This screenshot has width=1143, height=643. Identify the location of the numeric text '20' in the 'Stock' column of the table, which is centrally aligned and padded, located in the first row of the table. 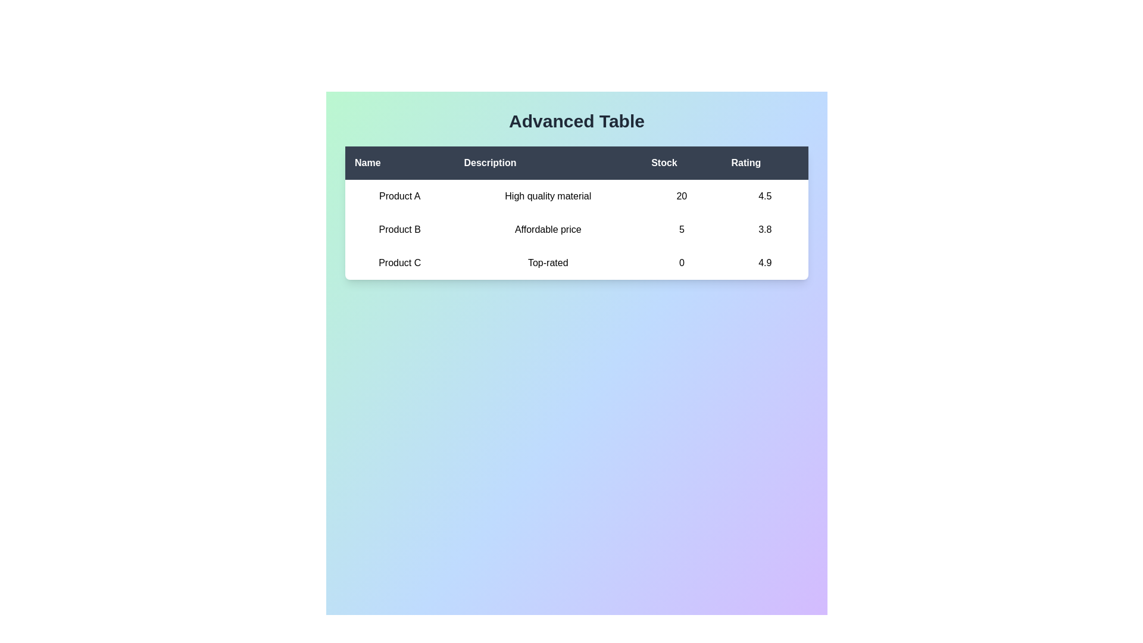
(682, 196).